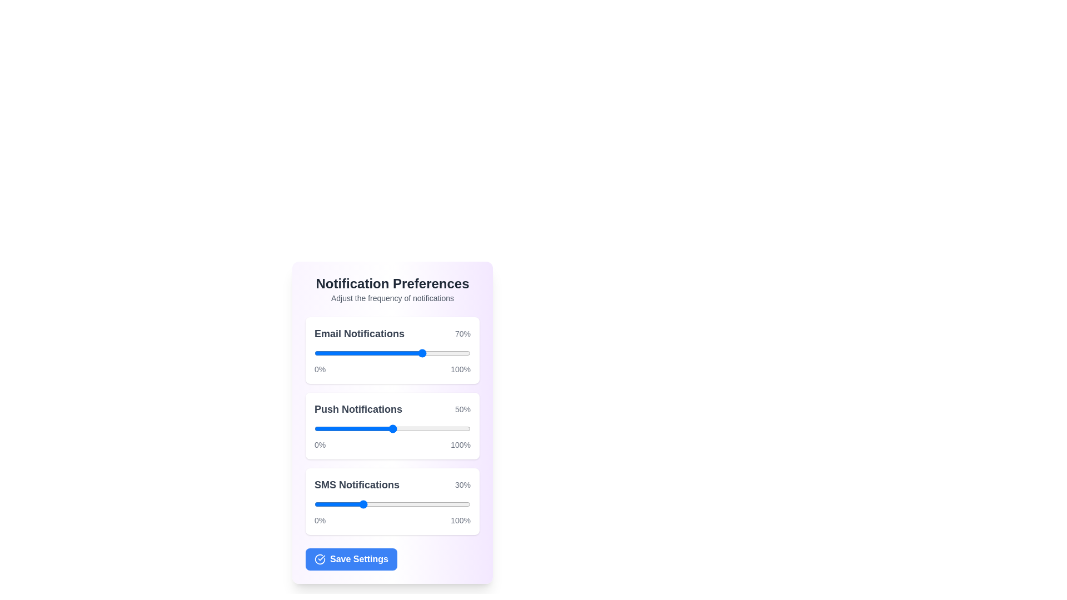  I want to click on the 'SMS Notifications' text label, which is bold, larger font, dark gray, positioned above a progress bar and adjacent to a '30%' percentage indicator, so click(357, 484).